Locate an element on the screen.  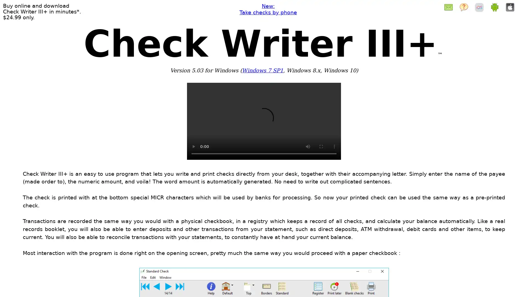
show more media controls is located at coordinates (334, 146).